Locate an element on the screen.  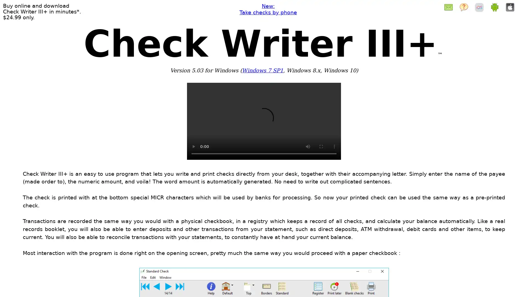
show more media controls is located at coordinates (334, 146).